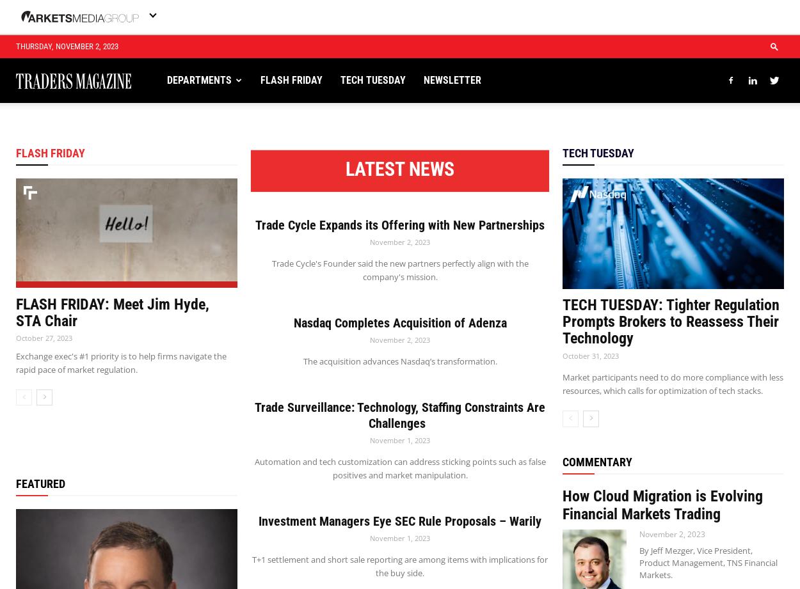 This screenshot has height=589, width=800. I want to click on 'FLASH FRIDAY', so click(50, 152).